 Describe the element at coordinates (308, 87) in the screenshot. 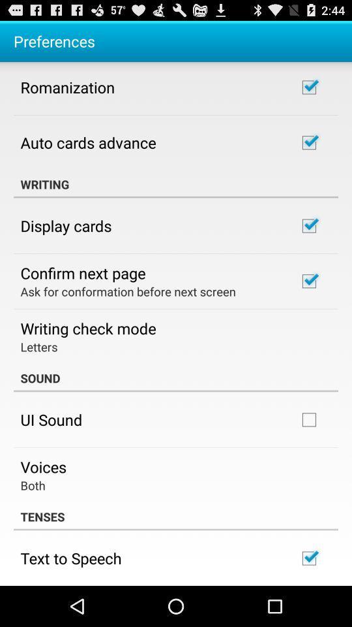

I see `first checkbox` at that location.